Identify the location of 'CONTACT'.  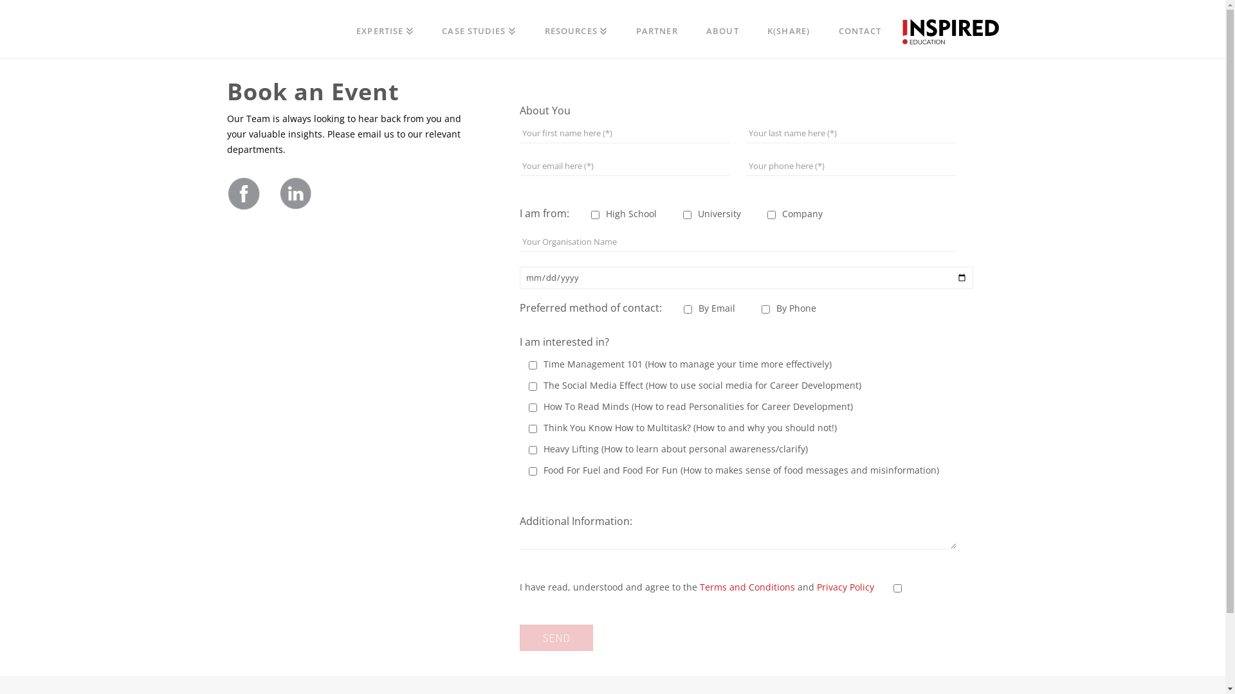
(859, 29).